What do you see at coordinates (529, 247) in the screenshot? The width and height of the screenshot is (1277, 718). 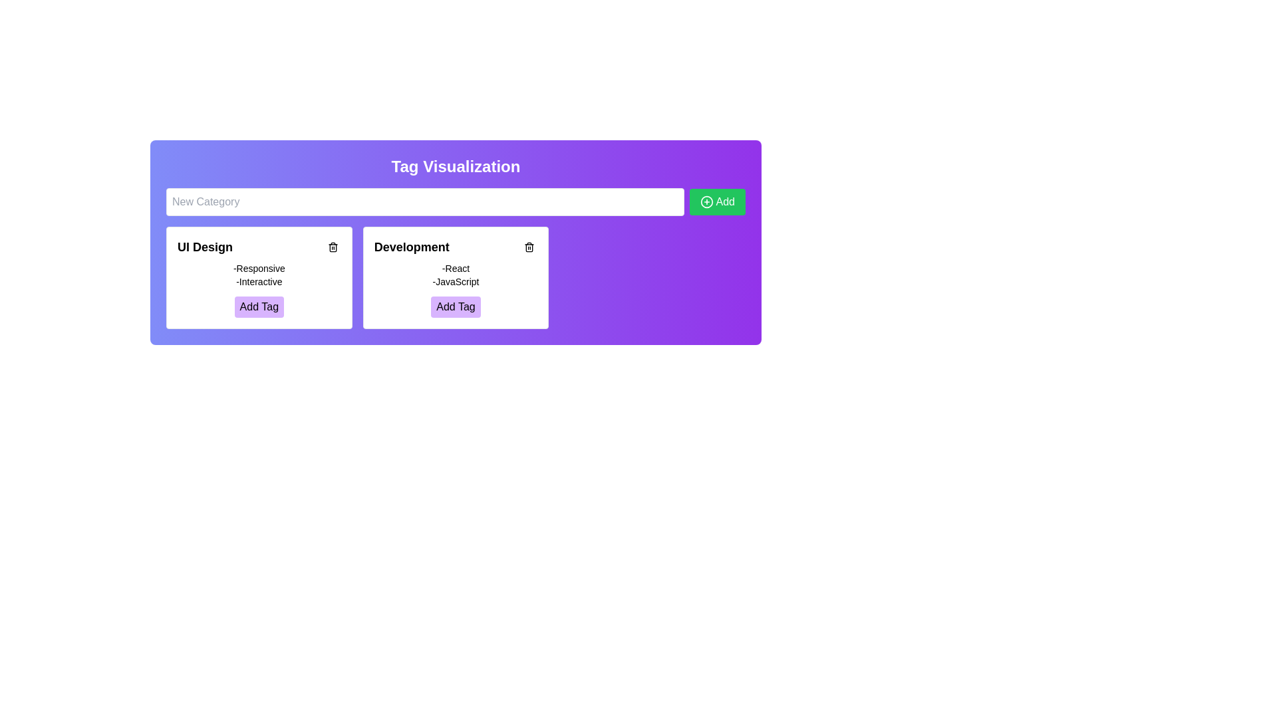 I see `the small trash bin icon button located in the top-right corner of the 'Development' section card` at bounding box center [529, 247].